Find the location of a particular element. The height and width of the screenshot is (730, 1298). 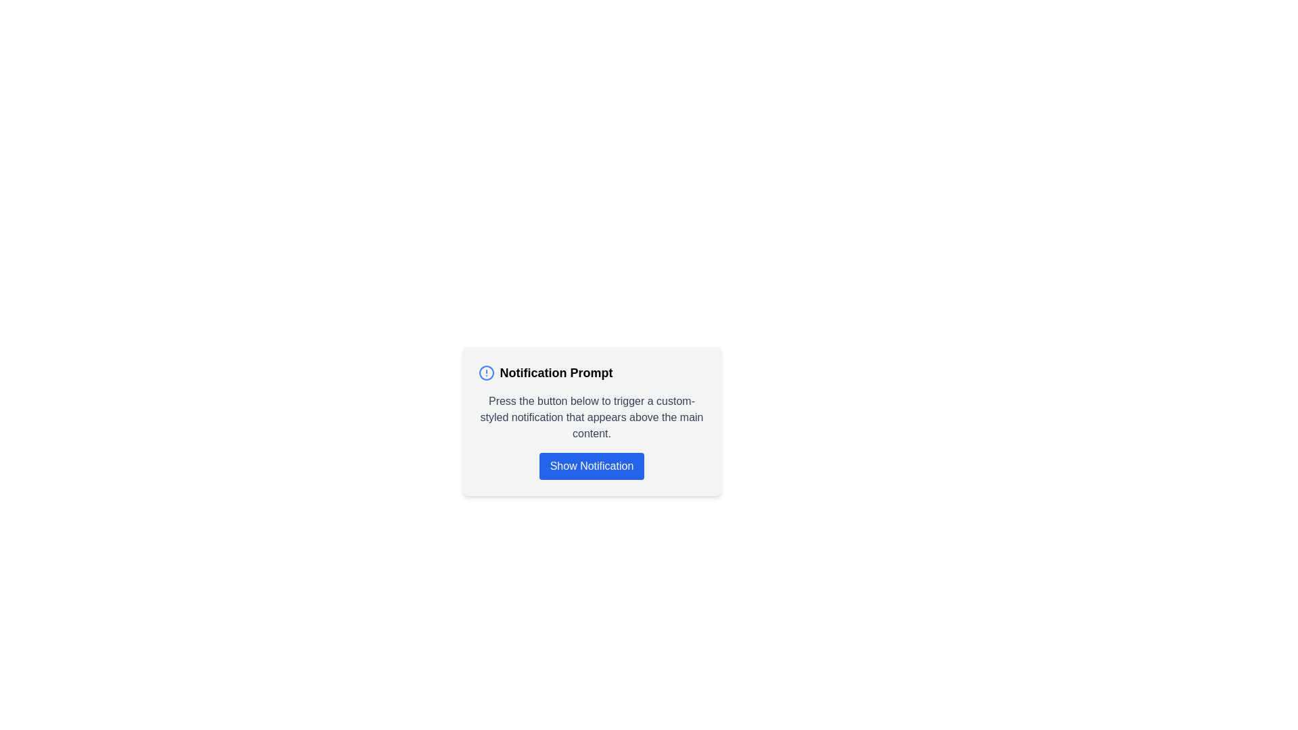

the 'Show Notification' button, which is a rectangular button with rounded corners and a blue background located at the bottom of the notification prompt panel is located at coordinates (592, 466).